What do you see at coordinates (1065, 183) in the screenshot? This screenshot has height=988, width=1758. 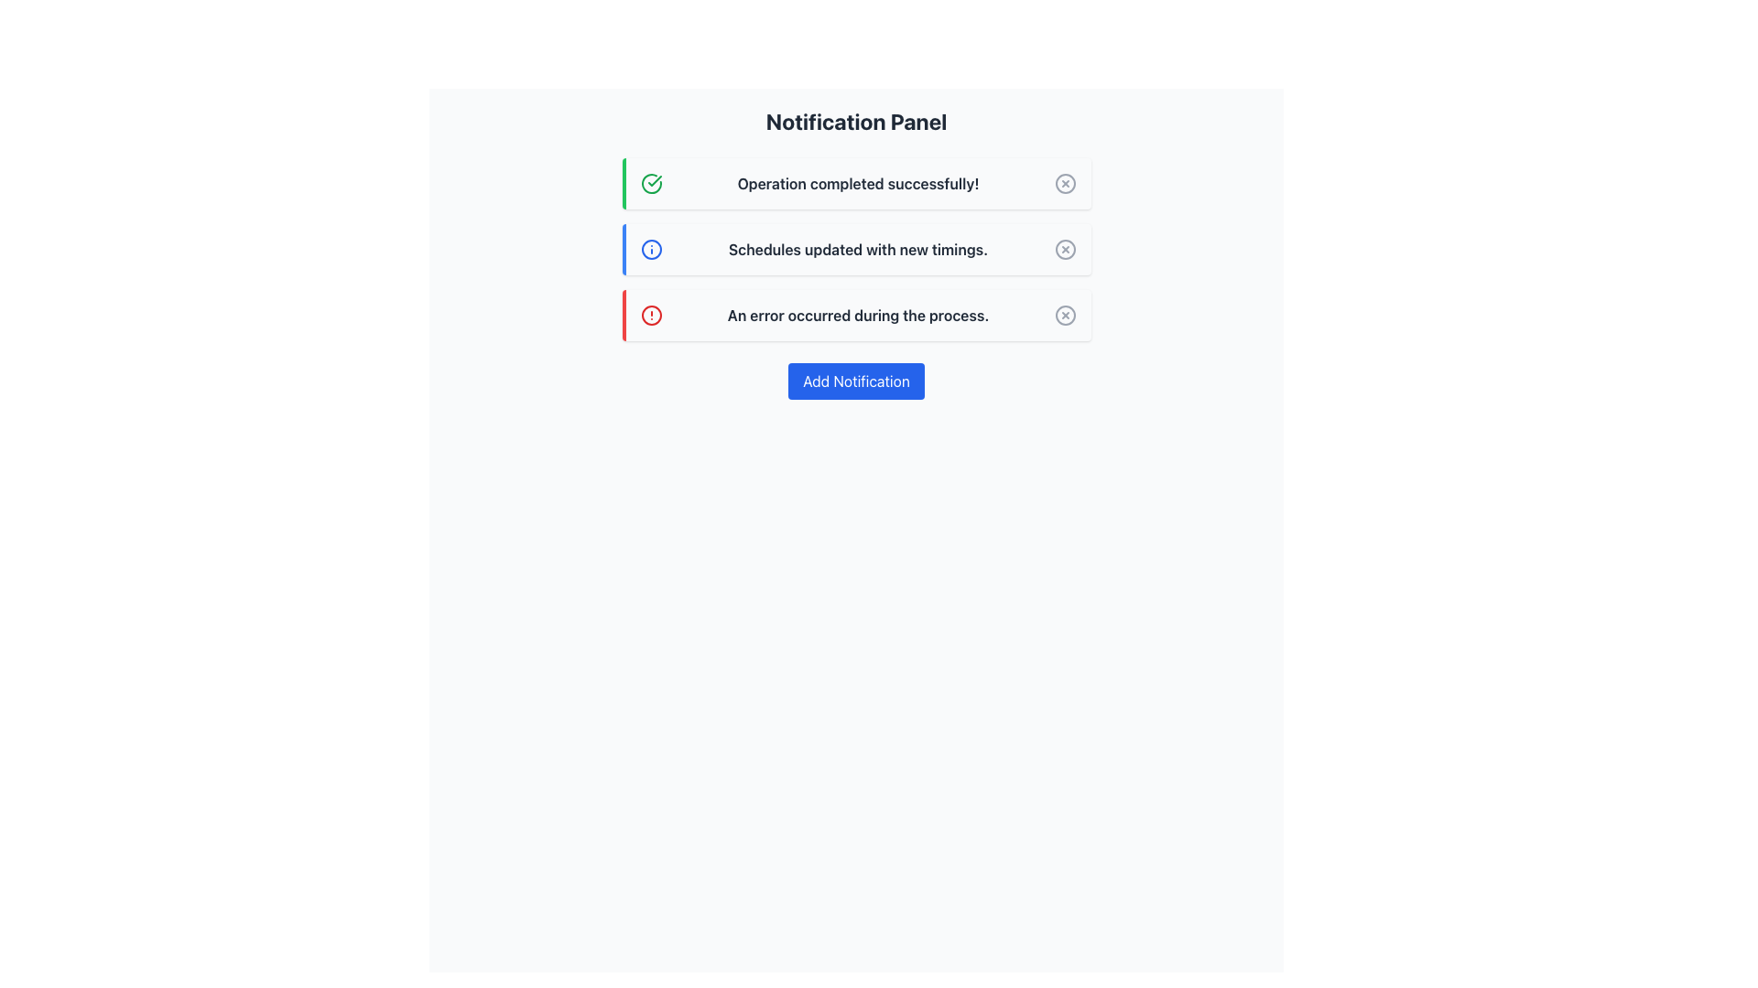 I see `the circular icon in the notification panel that indicates 'Operation completed successfully!'` at bounding box center [1065, 183].